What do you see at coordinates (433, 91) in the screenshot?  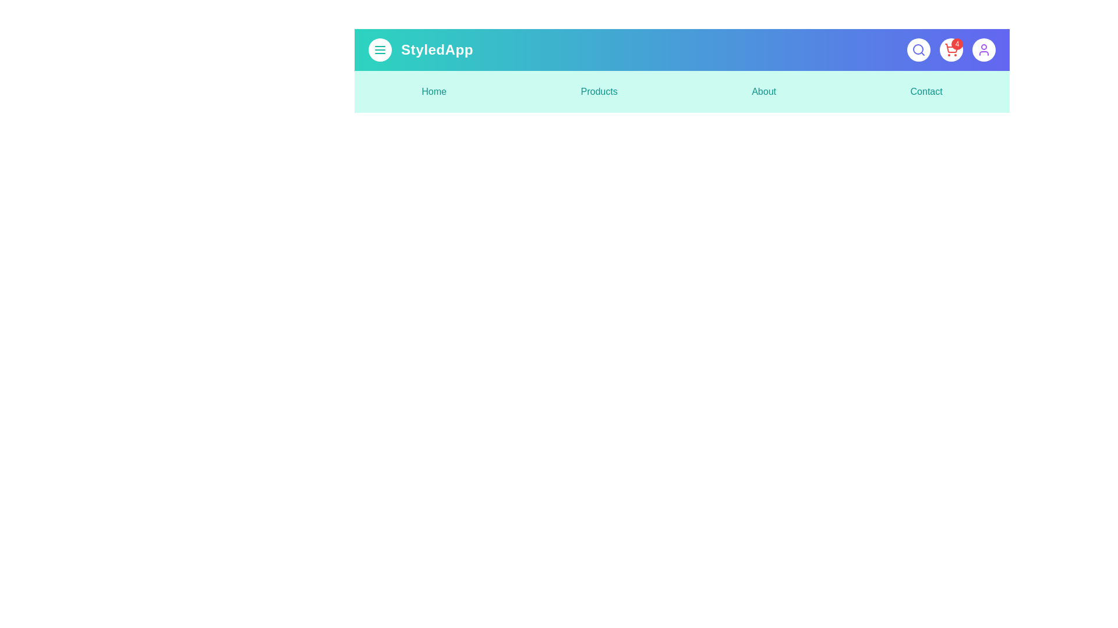 I see `the menu item labeled Home to navigate to the corresponding section` at bounding box center [433, 91].